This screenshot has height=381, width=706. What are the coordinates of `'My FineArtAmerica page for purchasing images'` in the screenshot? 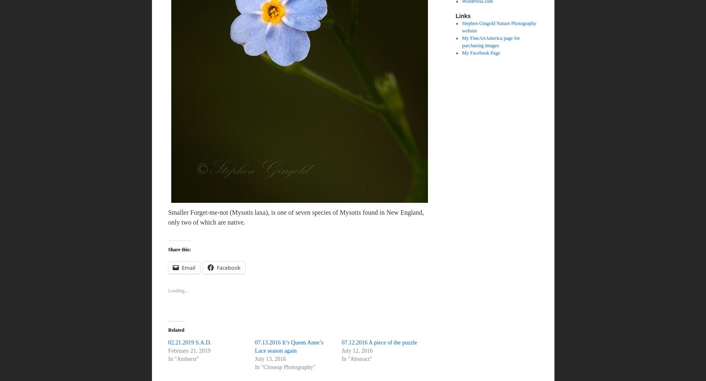 It's located at (491, 41).